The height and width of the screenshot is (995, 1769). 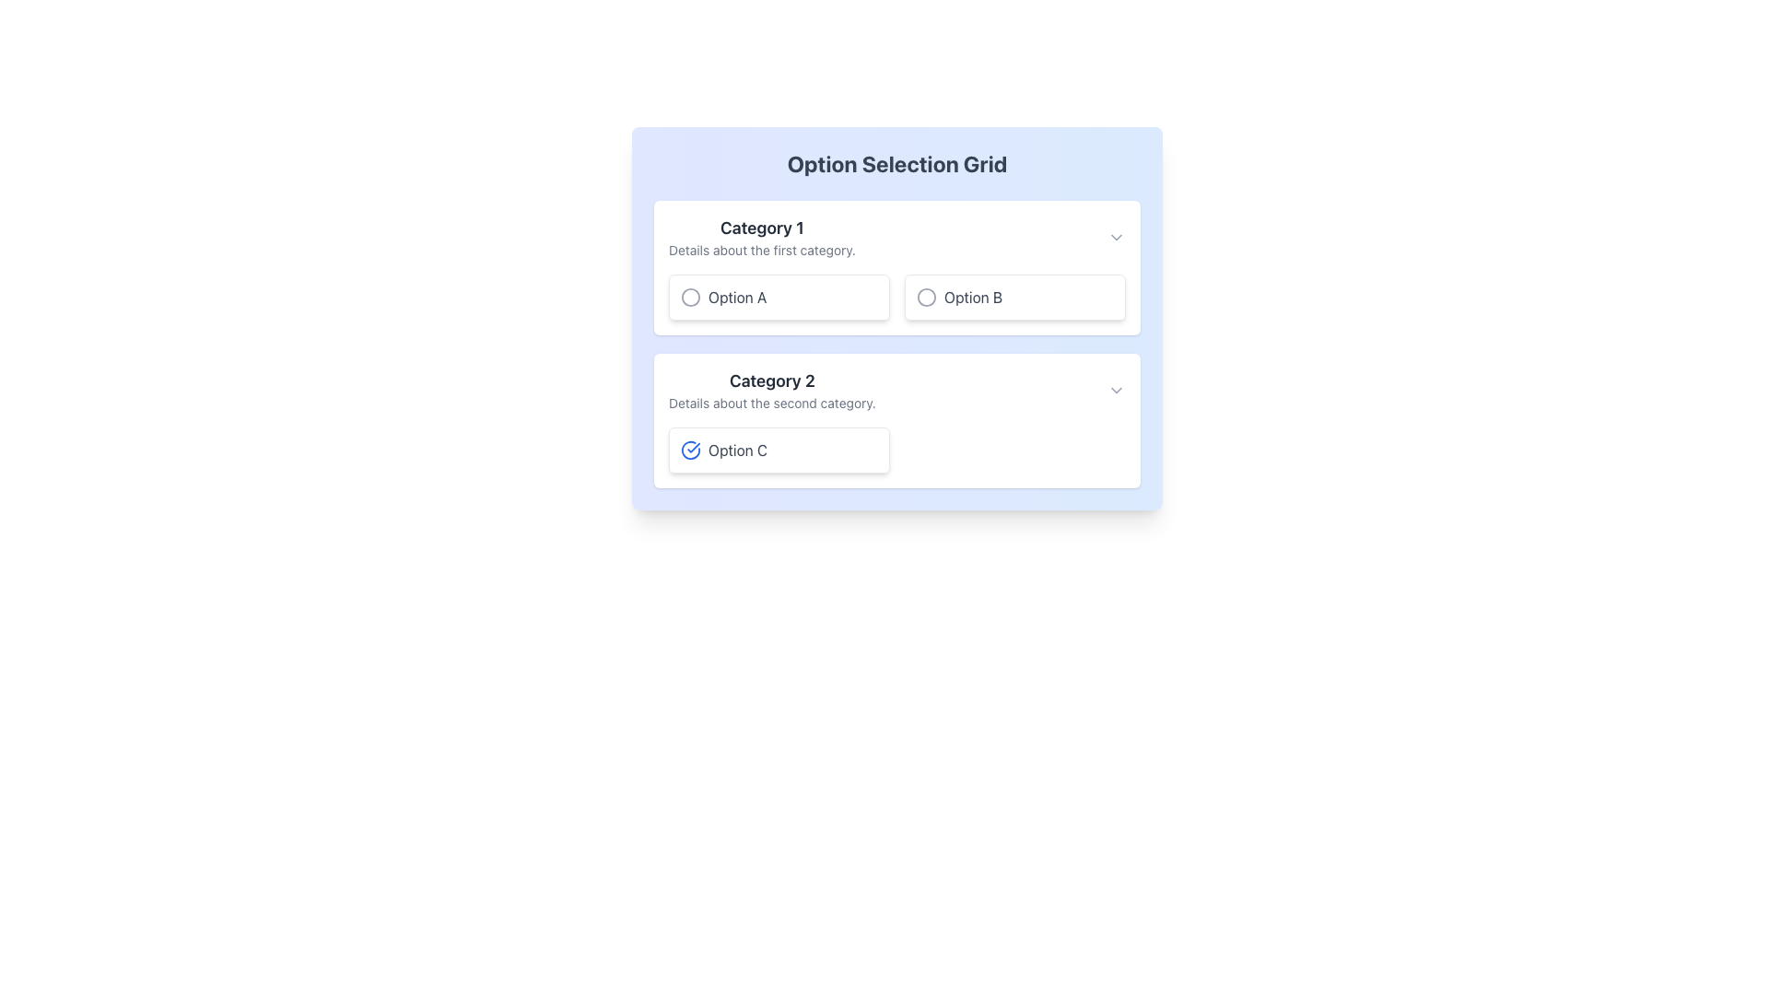 What do you see at coordinates (737, 297) in the screenshot?
I see `the label for 'Option A' in the 'Category 1' selection group, which is located on the left side of the grid interface` at bounding box center [737, 297].